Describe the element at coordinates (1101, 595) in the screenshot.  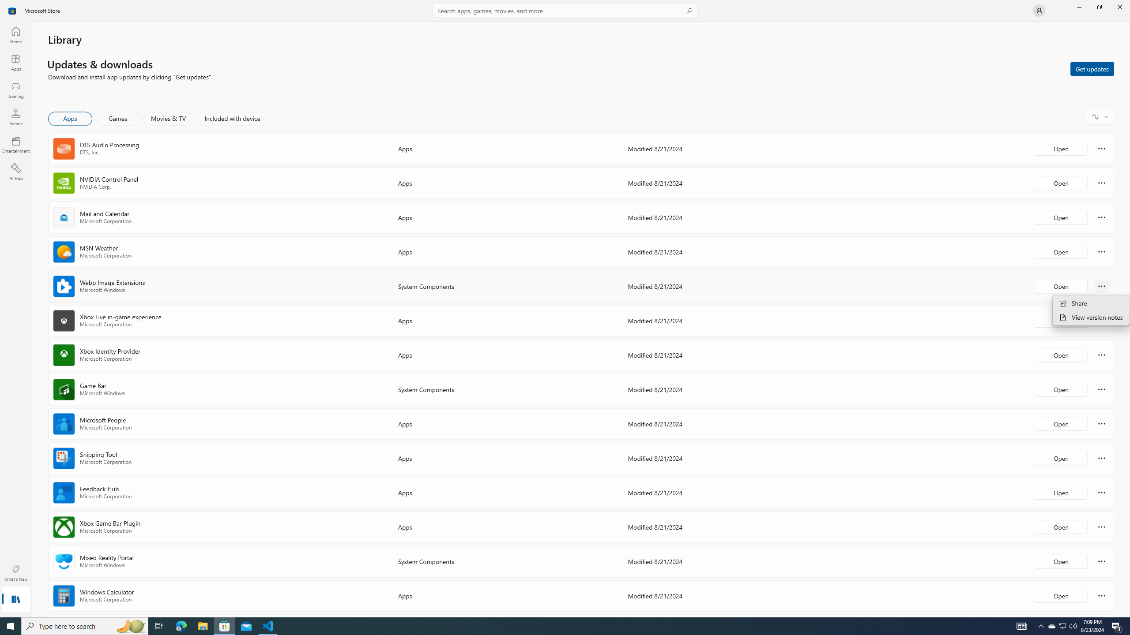
I see `'More options'` at that location.